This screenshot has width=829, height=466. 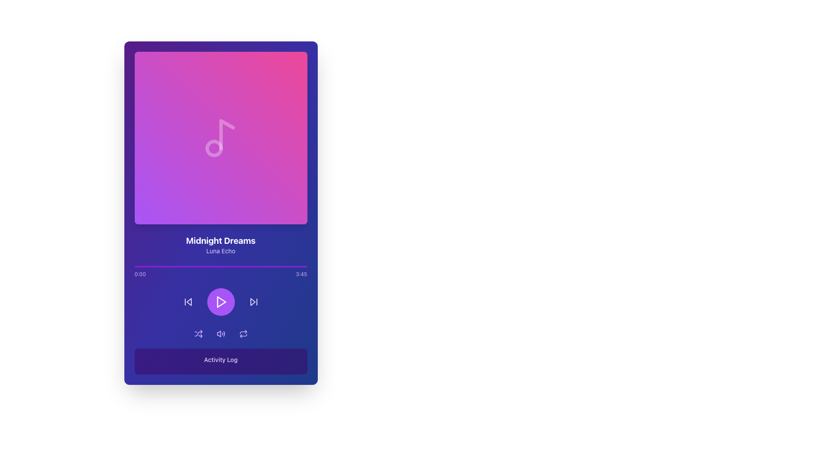 What do you see at coordinates (221, 274) in the screenshot?
I see `the time scale element located between the labels '0:00' and '3:45' on the blue background of the music player interface` at bounding box center [221, 274].